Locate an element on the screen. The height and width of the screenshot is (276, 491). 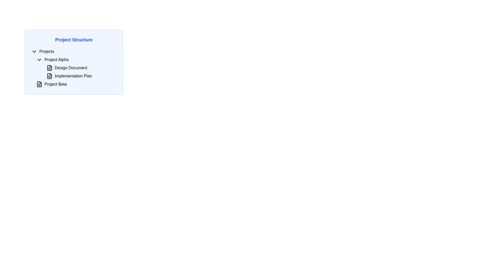
the Dropdown Indicator Icon, which is a chevron icon indicating the expandable/collapsible state of the 'Projects' section is located at coordinates (34, 51).